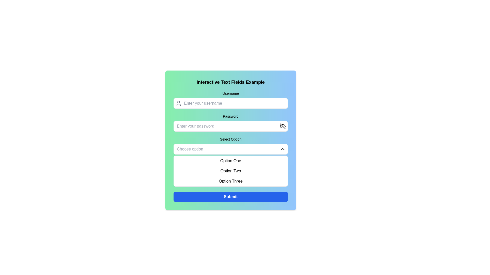 This screenshot has height=275, width=490. Describe the element at coordinates (283, 126) in the screenshot. I see `the visibility toggle button located at the far right of the password input field` at that location.